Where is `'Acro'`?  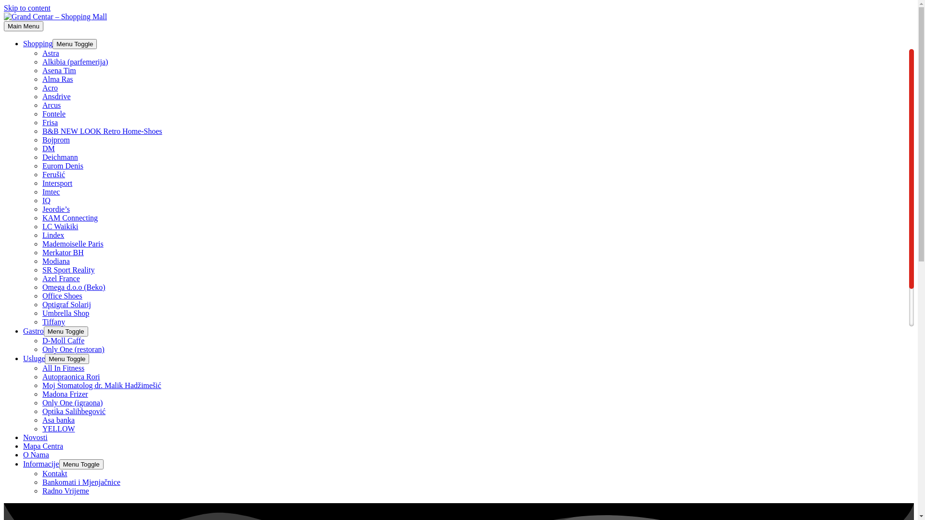
'Acro' is located at coordinates (50, 88).